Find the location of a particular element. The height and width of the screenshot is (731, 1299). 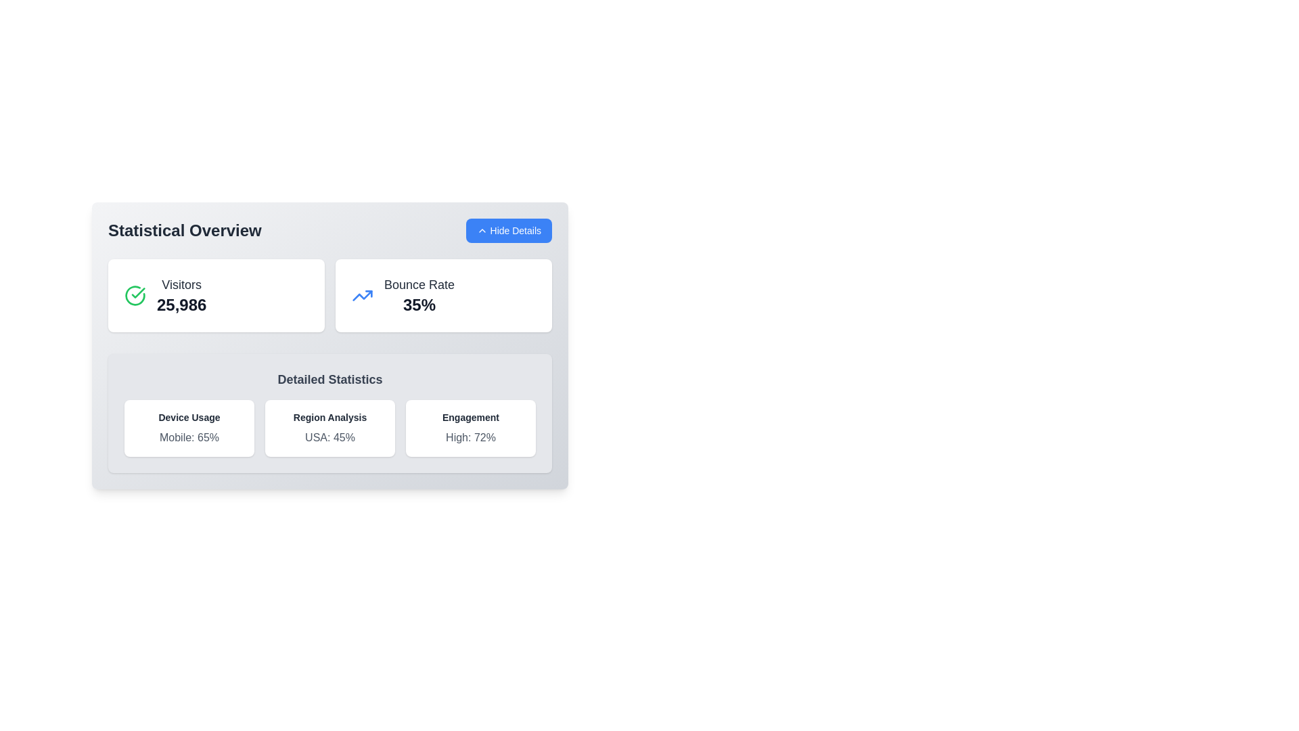

the Informational card that indicates 65% of usage is from mobile devices, positioned leftmost in the 'Detailed Statistics' section is located at coordinates (188, 428).